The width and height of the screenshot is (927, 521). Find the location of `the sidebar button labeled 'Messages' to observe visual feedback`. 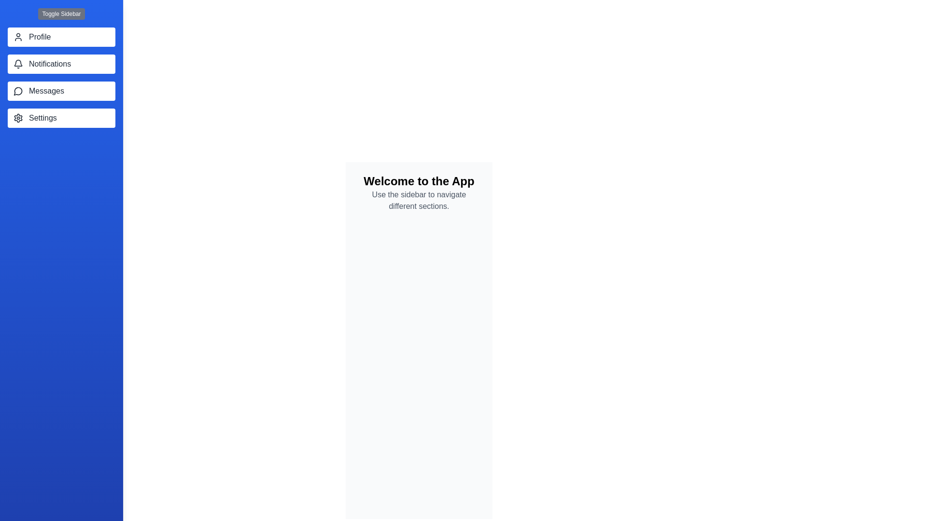

the sidebar button labeled 'Messages' to observe visual feedback is located at coordinates (61, 91).